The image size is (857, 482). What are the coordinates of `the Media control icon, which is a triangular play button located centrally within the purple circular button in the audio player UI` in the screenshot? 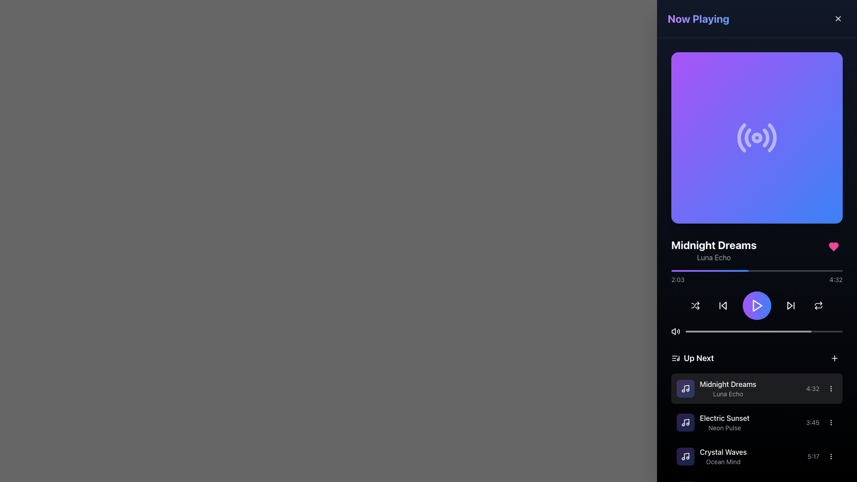 It's located at (757, 305).